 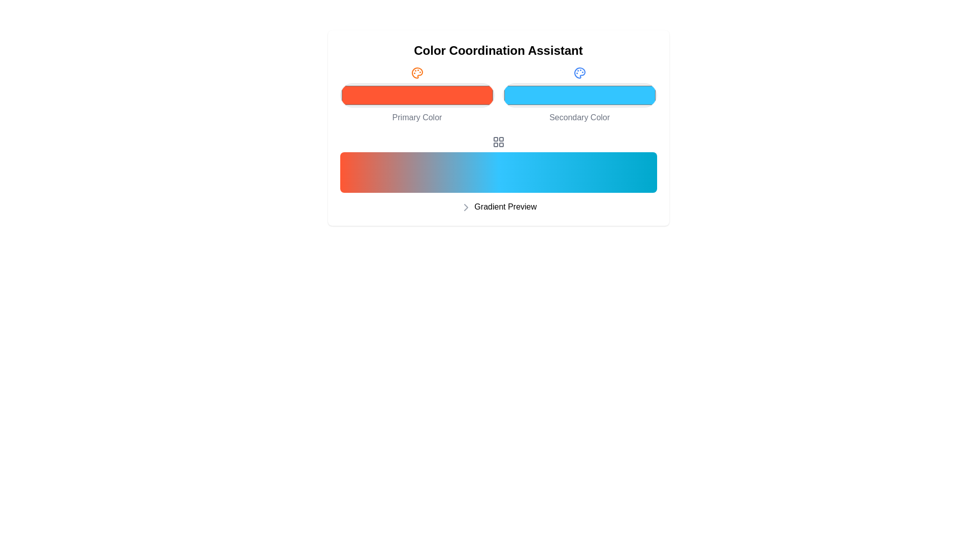 What do you see at coordinates (417, 95) in the screenshot?
I see `the Color picker button, which is a rounded rectangular element filled in orange, located at the top of the first column in a two-column layout grid` at bounding box center [417, 95].